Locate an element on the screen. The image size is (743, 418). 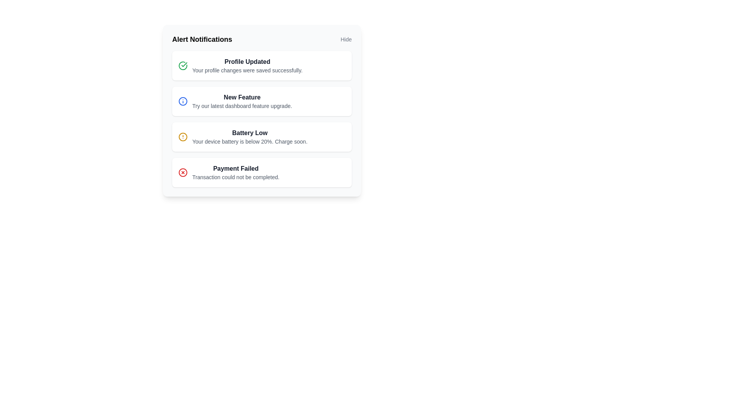
the success indicator icon positioned to the left of the text 'Profile Updated' within the first alert notification box is located at coordinates (183, 65).